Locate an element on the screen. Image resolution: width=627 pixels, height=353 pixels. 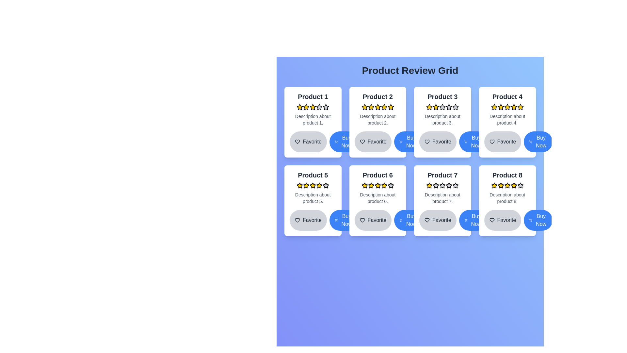
the fifth star icon representing the rating for 'Product 3', which is currently in an unselected state is located at coordinates (455, 107).